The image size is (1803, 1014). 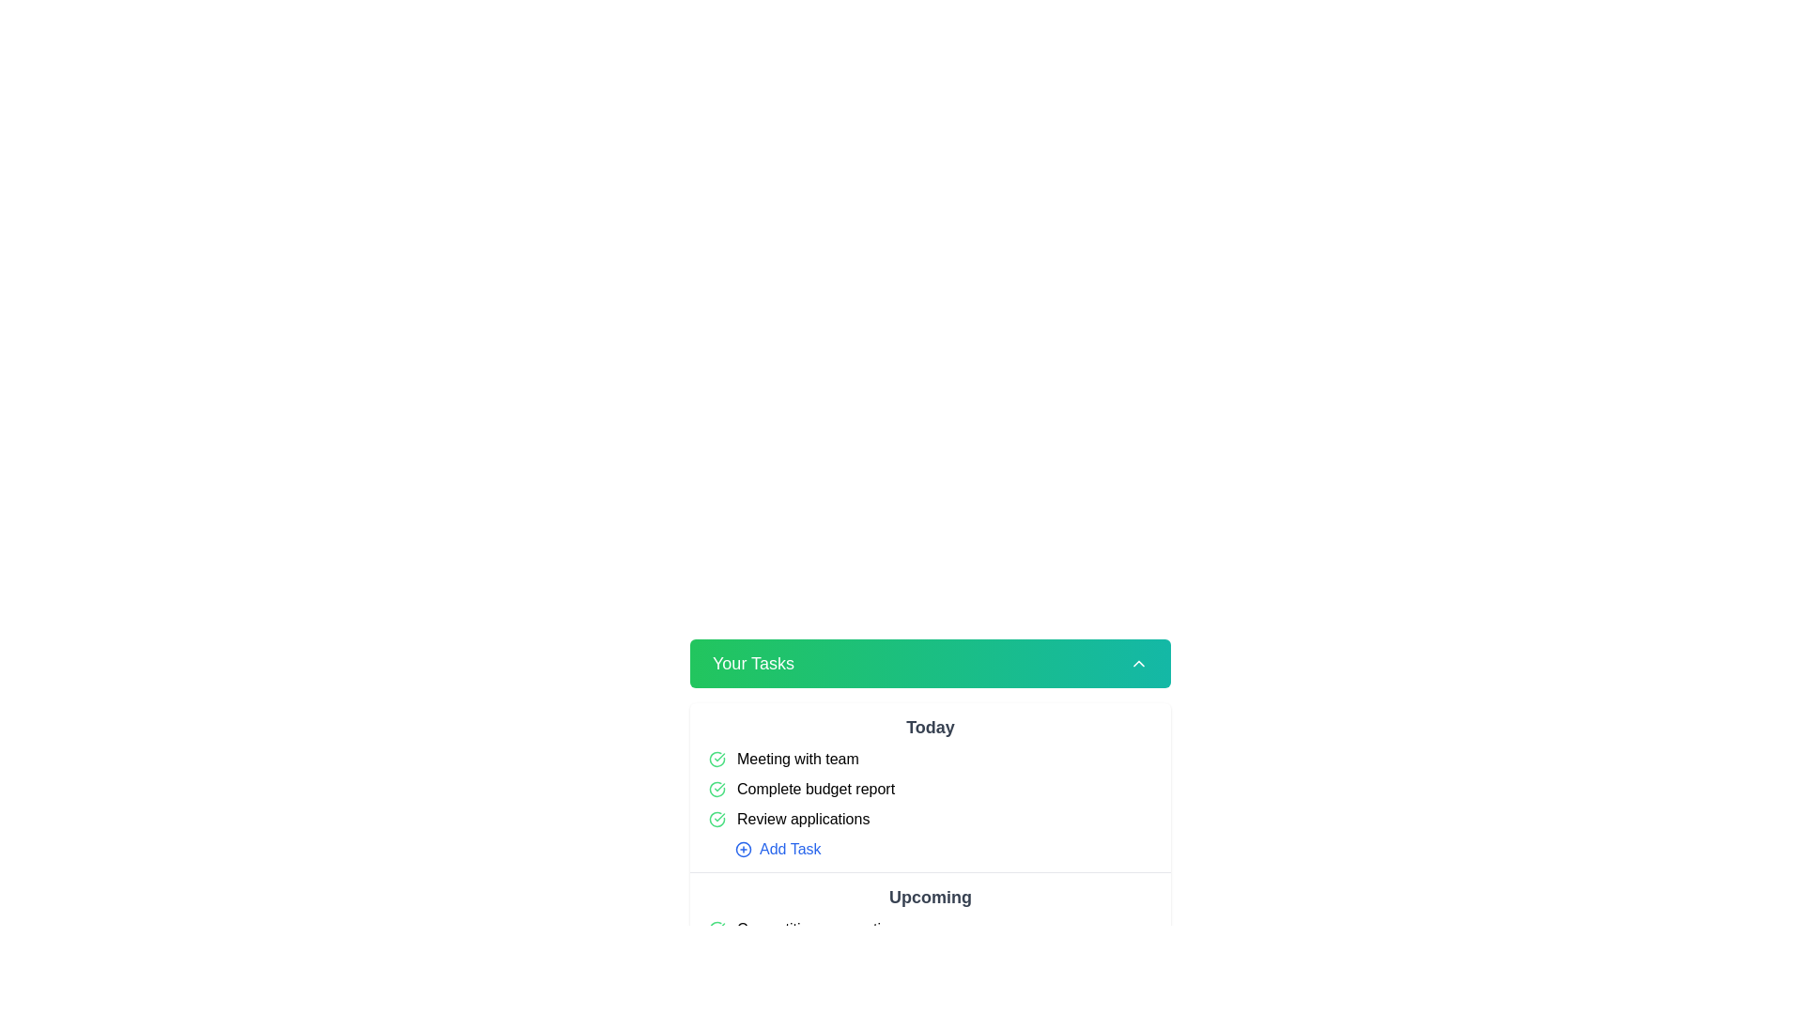 What do you see at coordinates (716, 818) in the screenshot?
I see `the Status indicator icon for the 'Review applications' task, located at the far left of the text in the 'Today' section under 'Your Tasks'` at bounding box center [716, 818].